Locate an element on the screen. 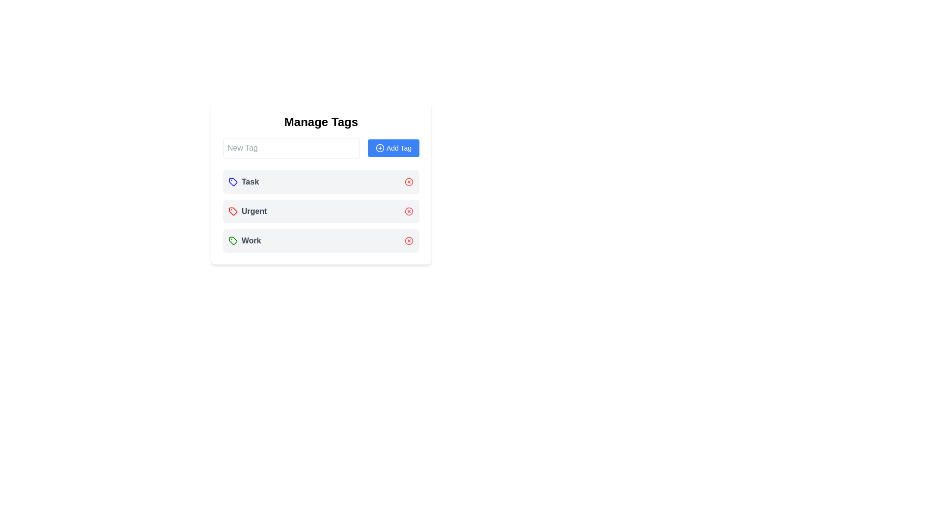  the tag icon with a blue stroke that is displayed adjacent to the text 'Task' is located at coordinates (233, 182).